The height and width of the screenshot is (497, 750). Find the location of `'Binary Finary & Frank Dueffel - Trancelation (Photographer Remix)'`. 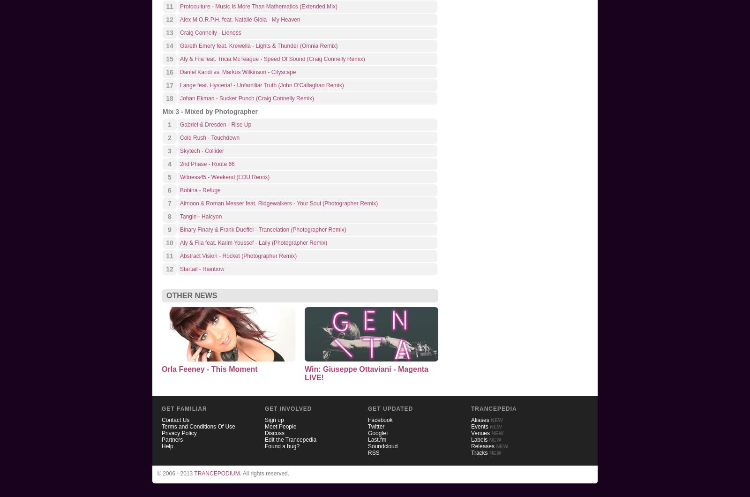

'Binary Finary & Frank Dueffel - Trancelation (Photographer Remix)' is located at coordinates (262, 229).